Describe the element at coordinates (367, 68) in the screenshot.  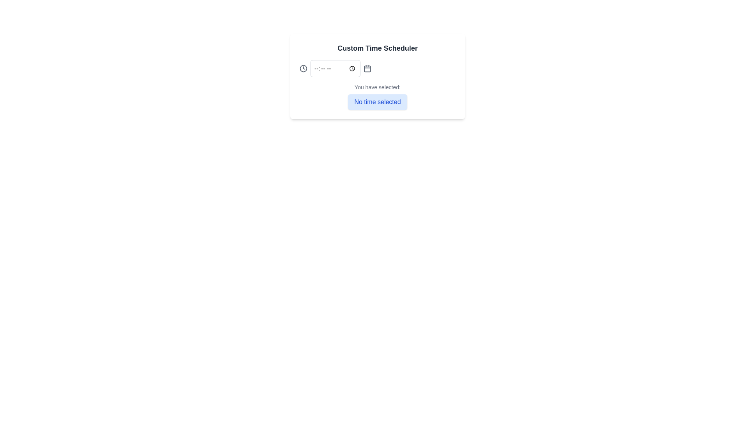
I see `the calendar icon located towards the right within a horizontal arrangement of elements in the custom time scheduler interface` at that location.